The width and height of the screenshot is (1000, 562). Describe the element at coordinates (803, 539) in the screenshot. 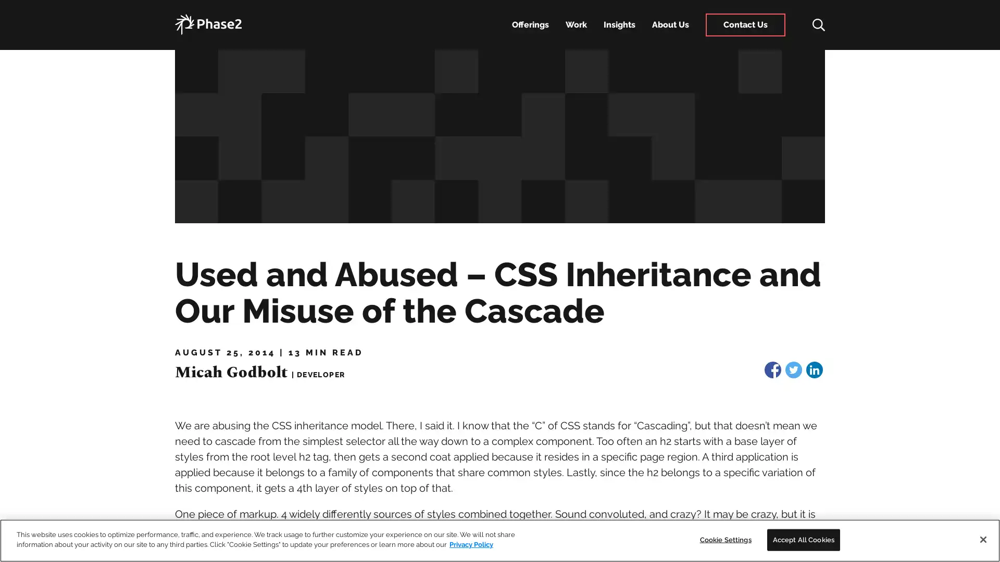

I see `Accept All Cookies` at that location.